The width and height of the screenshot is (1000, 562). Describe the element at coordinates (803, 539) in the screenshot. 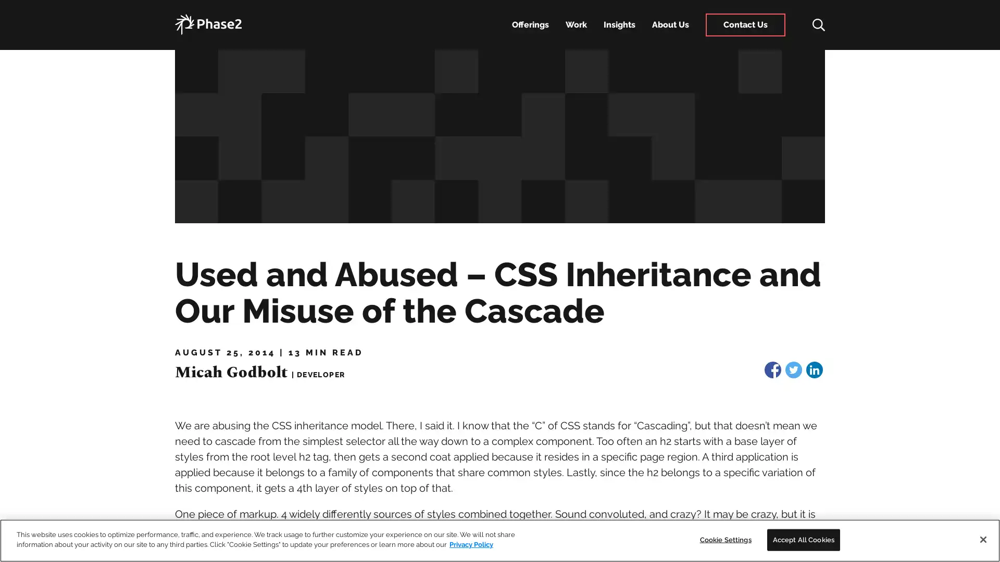

I see `Accept All Cookies` at that location.